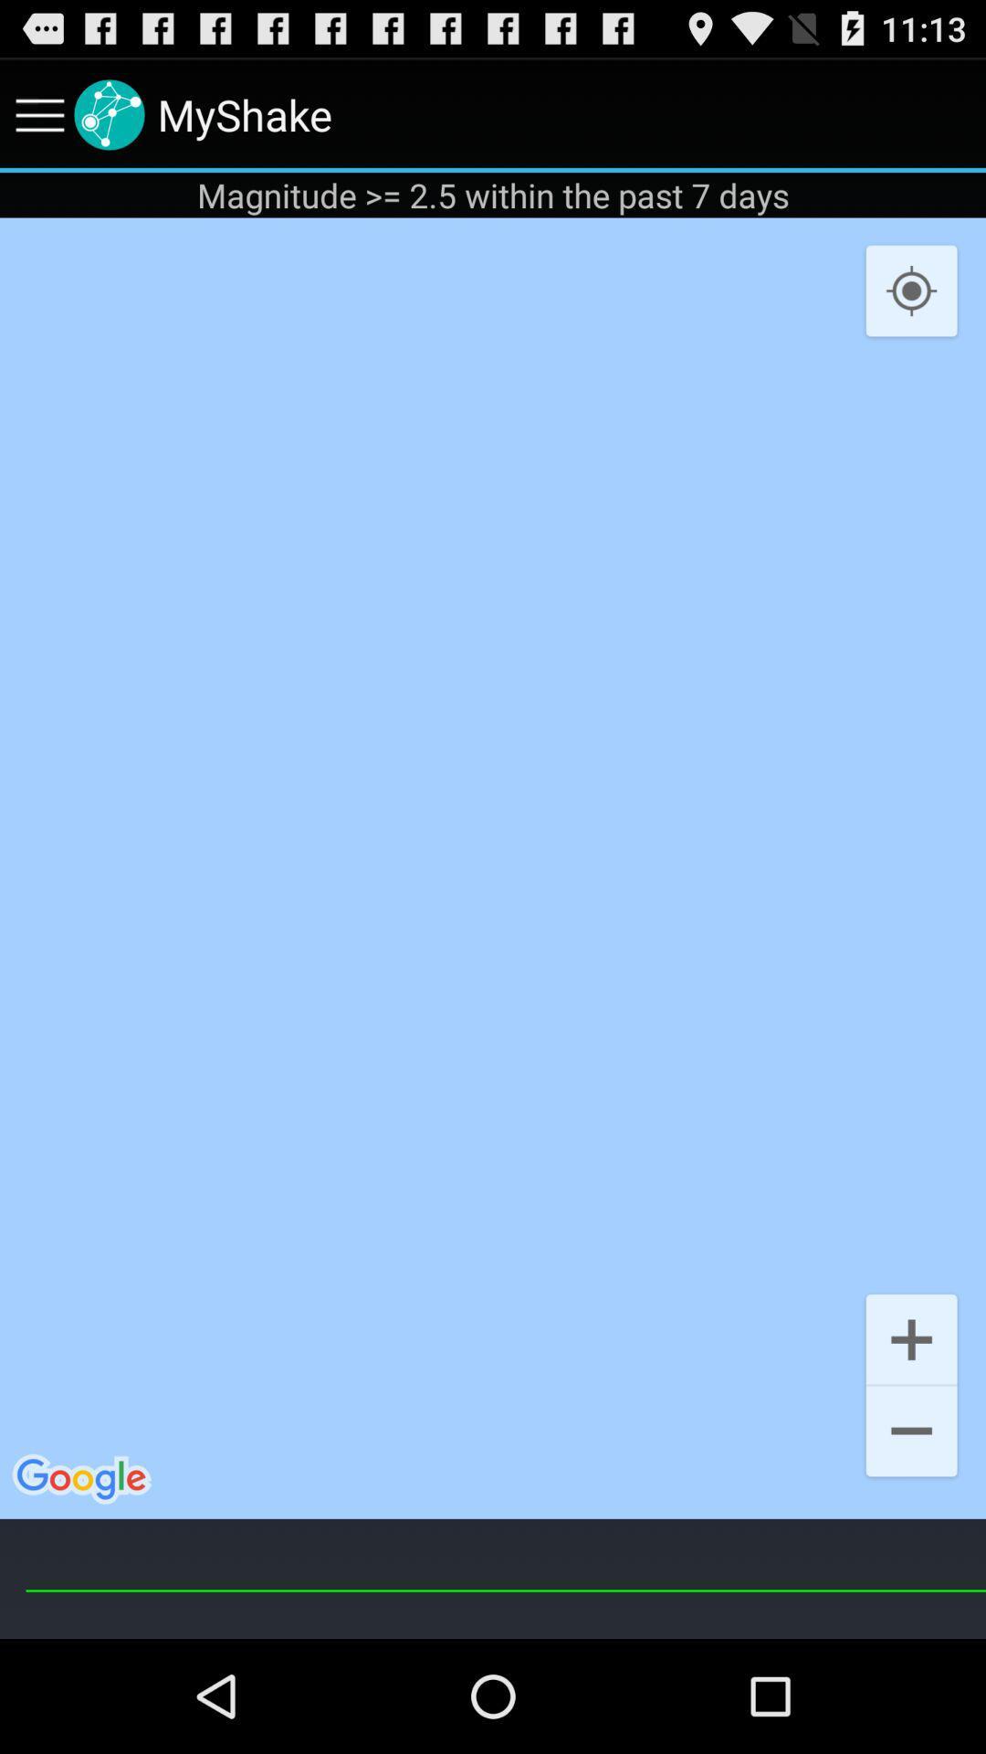  I want to click on the app below magnitude 2 5, so click(911, 291).